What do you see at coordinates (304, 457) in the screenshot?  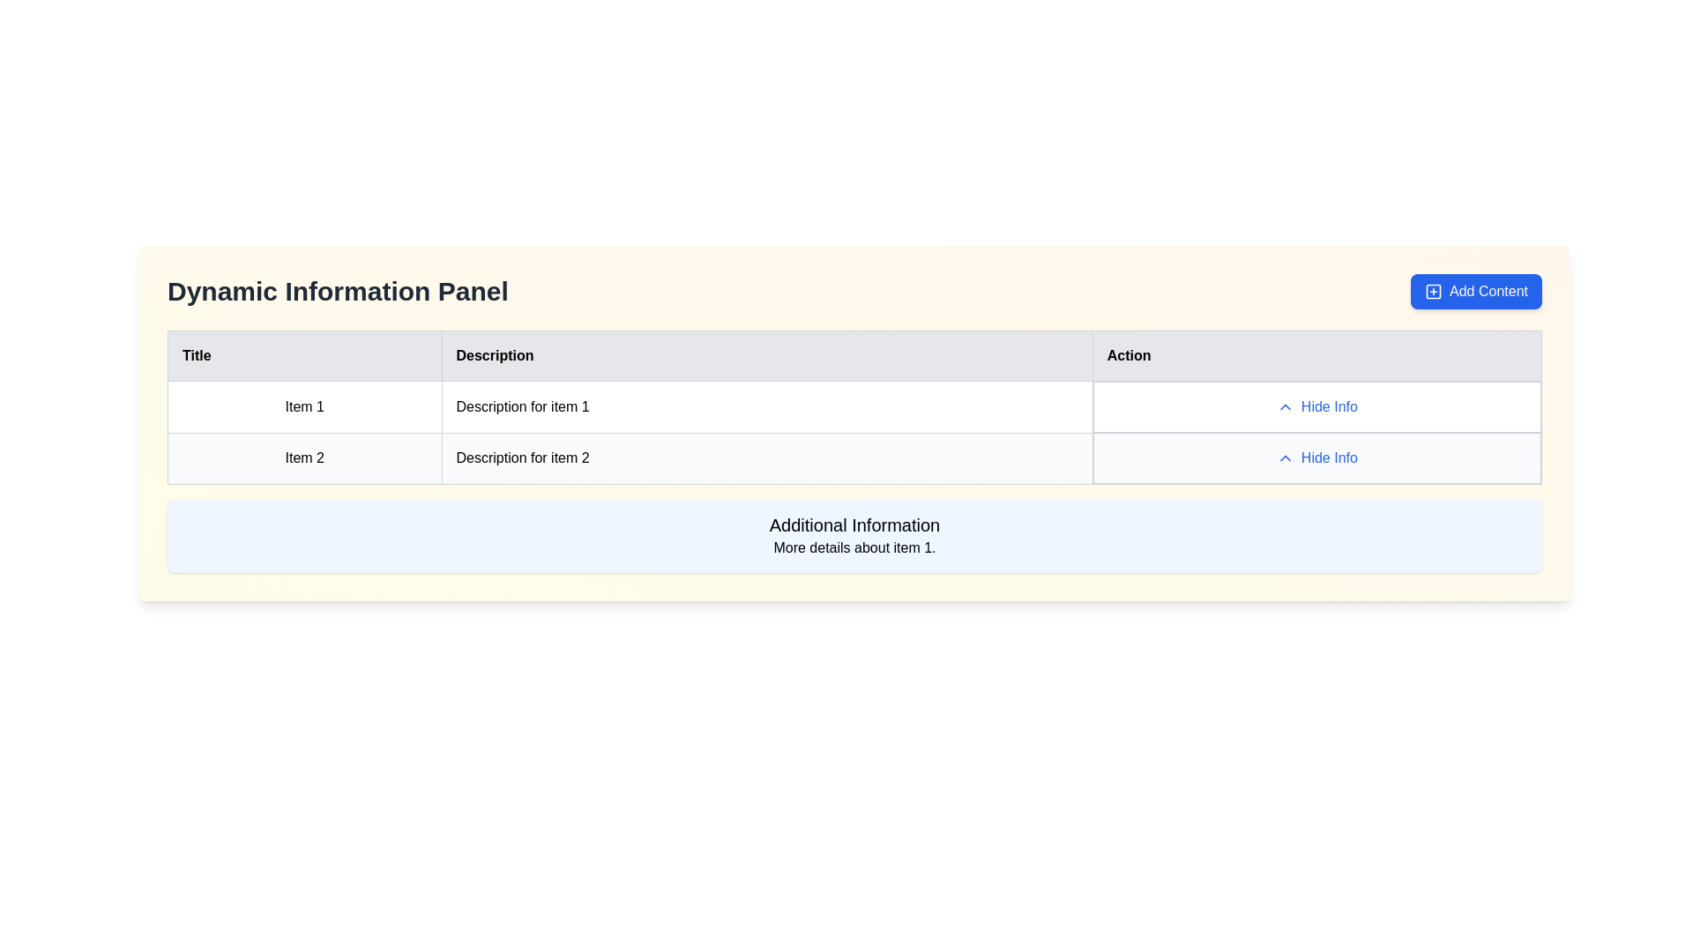 I see `text content of the Text Label that identifies the entry as 'Item 2' located in the second row under the 'Title' column` at bounding box center [304, 457].